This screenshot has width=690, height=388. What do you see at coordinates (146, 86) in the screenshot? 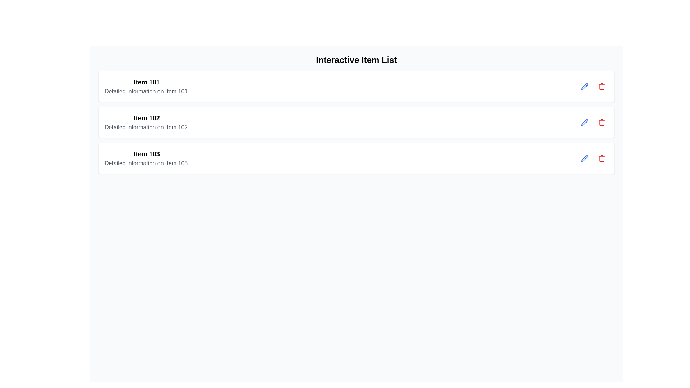
I see `text content of the Textual information block that describes 'Item 101', located at the topmost position in the list` at bounding box center [146, 86].